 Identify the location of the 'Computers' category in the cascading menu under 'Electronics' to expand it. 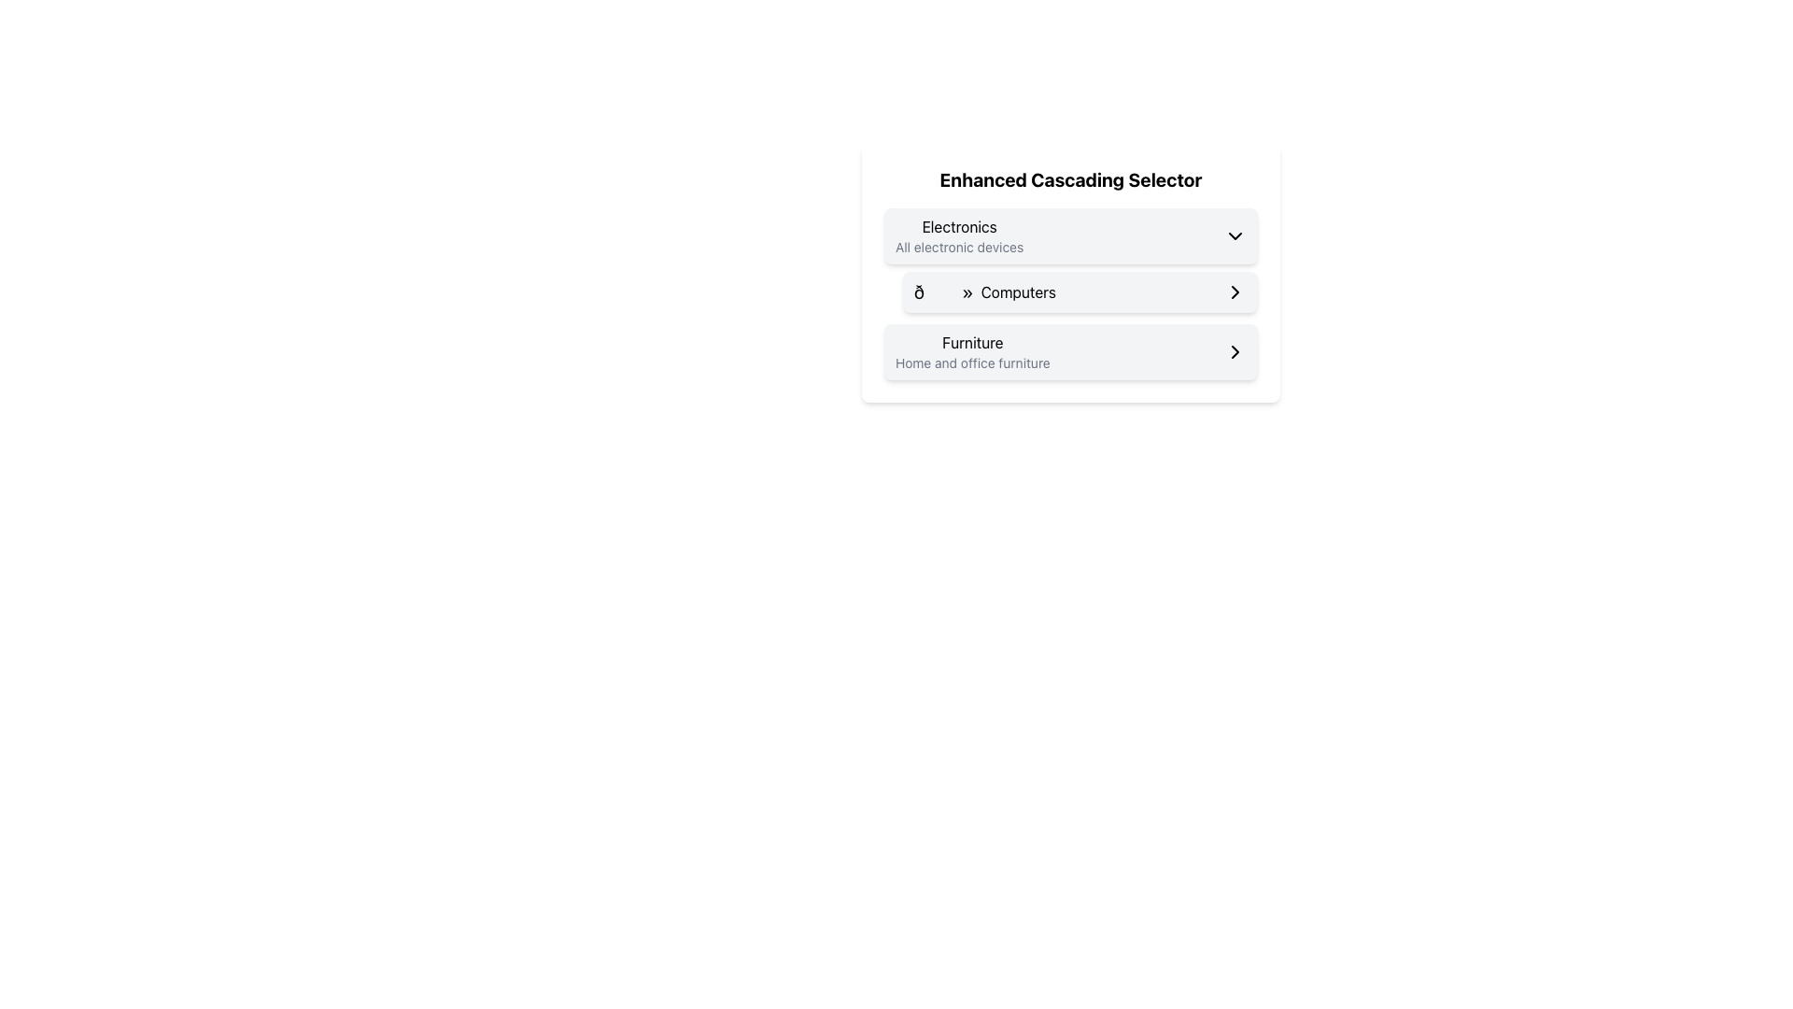
(1071, 260).